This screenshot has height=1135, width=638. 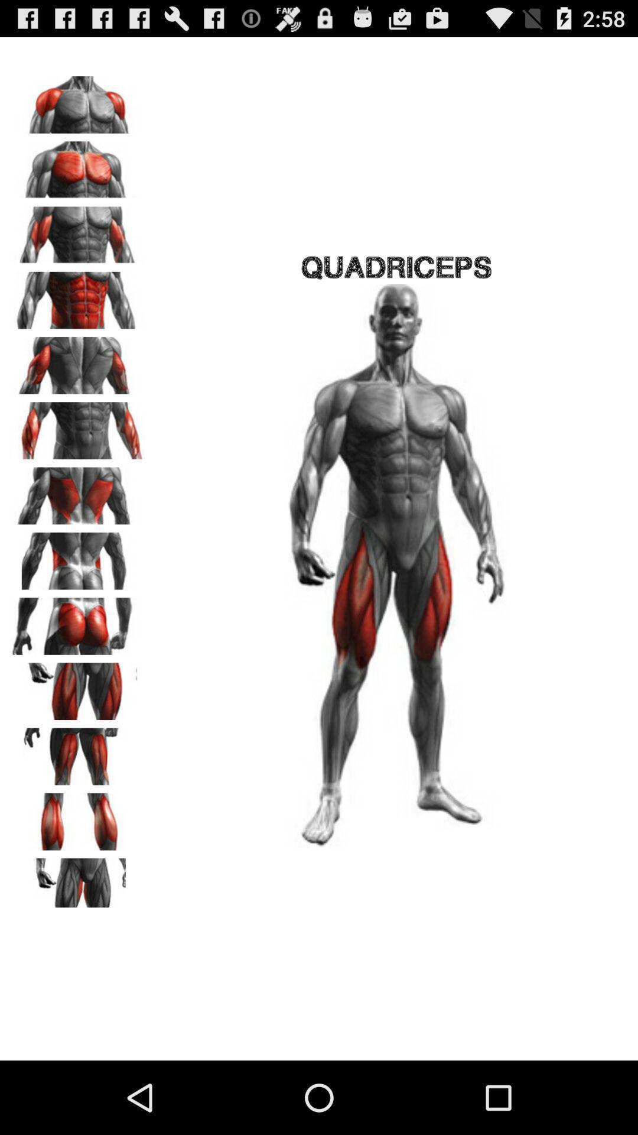 I want to click on side muscles image, so click(x=77, y=556).